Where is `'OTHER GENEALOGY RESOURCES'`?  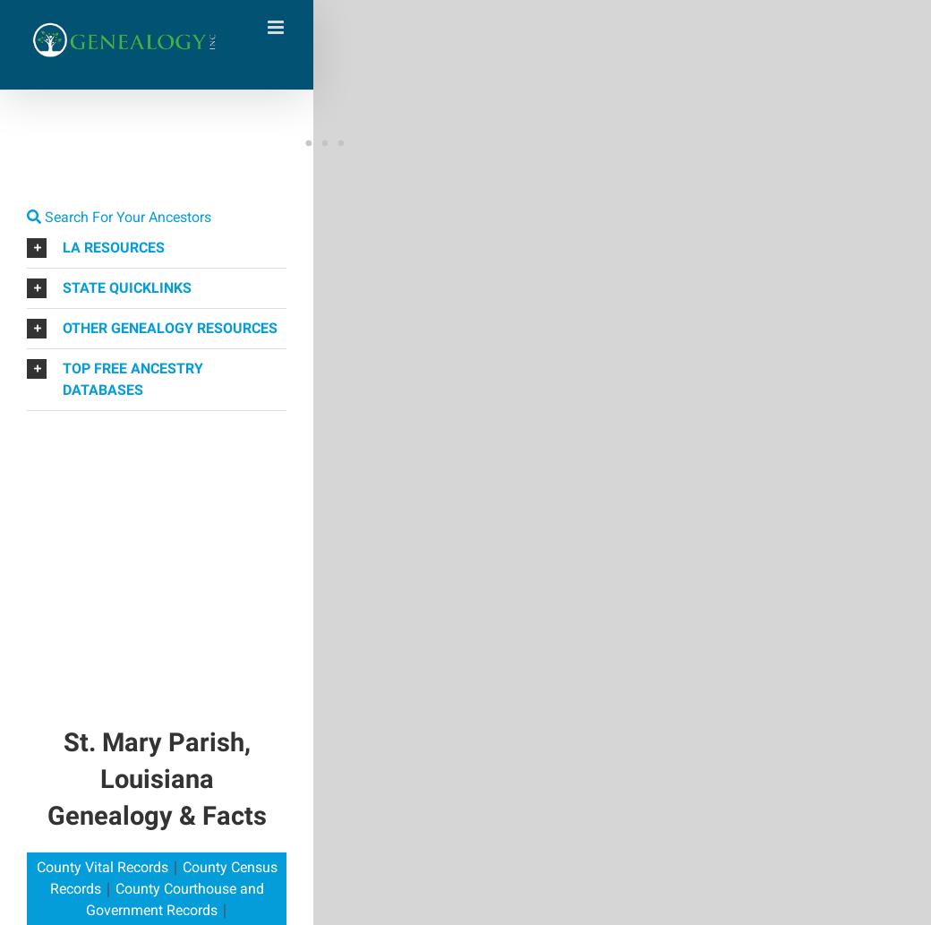
'OTHER GENEALOGY RESOURCES' is located at coordinates (170, 327).